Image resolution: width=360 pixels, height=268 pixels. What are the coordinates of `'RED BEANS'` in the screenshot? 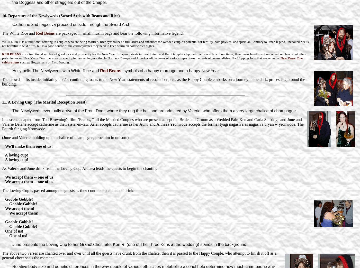 It's located at (11, 53).